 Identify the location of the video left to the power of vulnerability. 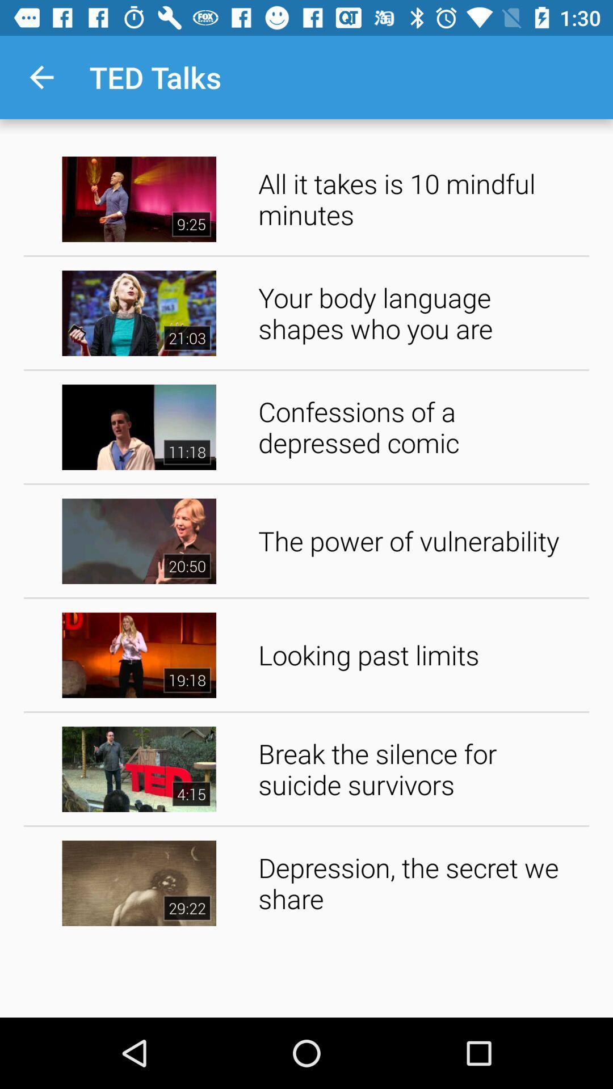
(138, 541).